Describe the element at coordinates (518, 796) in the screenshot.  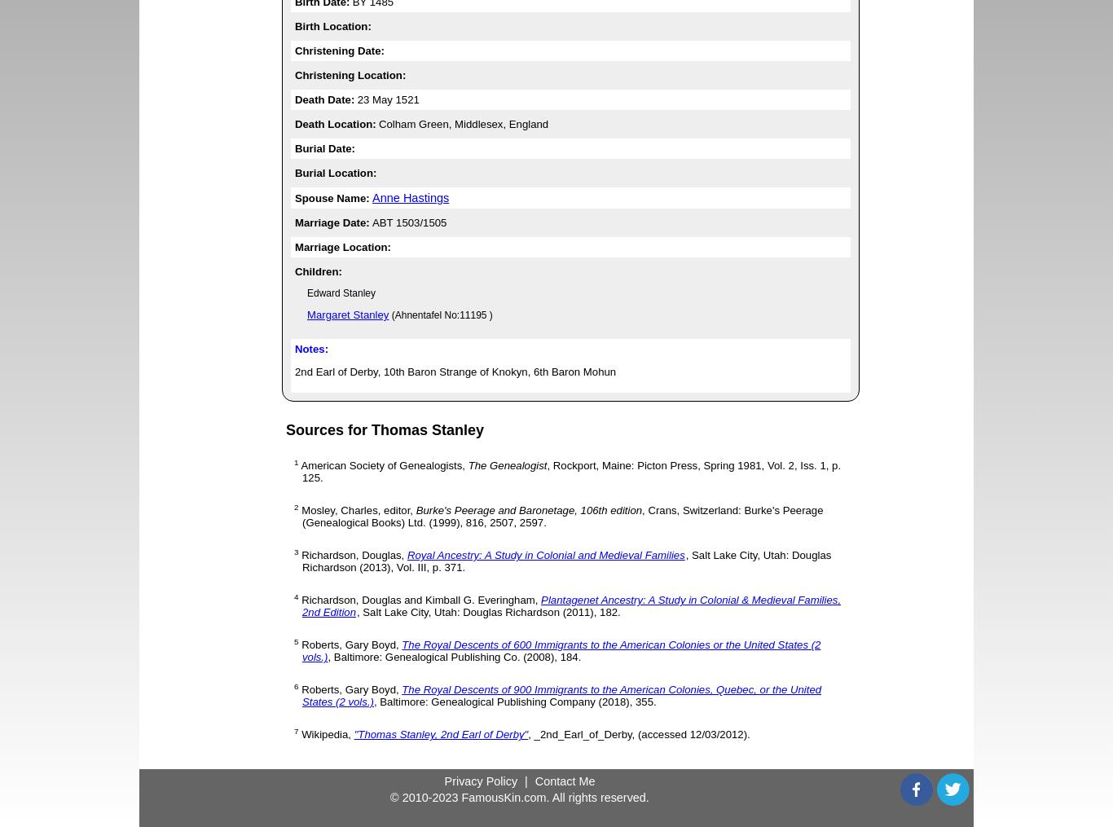
I see `'© 2010-2023 FamousKin.com. All rights reserved.'` at that location.